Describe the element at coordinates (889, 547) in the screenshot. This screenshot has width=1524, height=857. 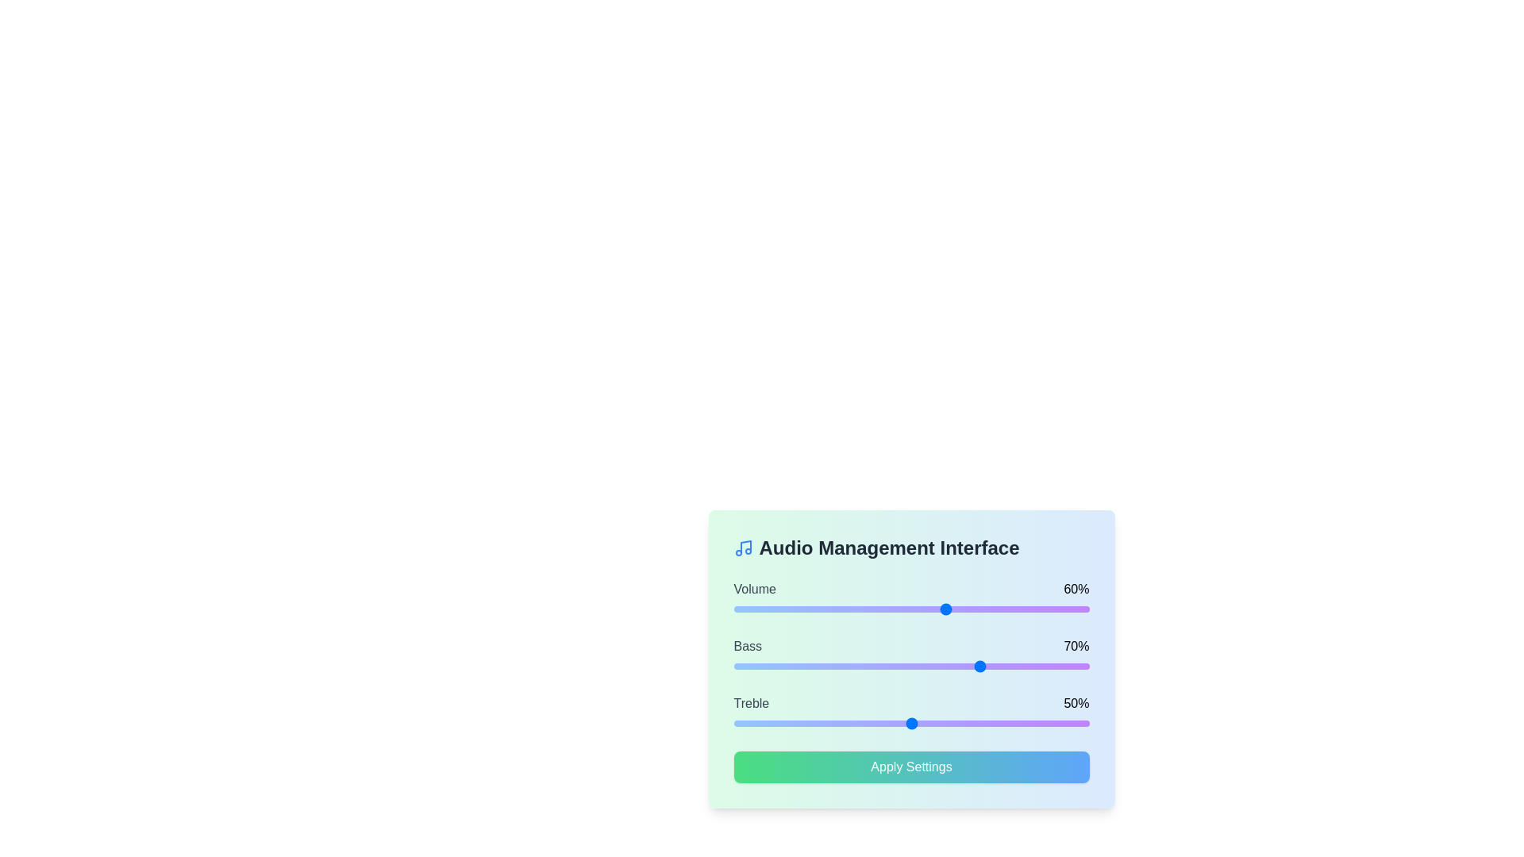
I see `the text label displaying 'Audio Management Interface', which is styled in a bold, dark-colored font and located in the top center section of a card-like interface, next to a small music icon` at that location.